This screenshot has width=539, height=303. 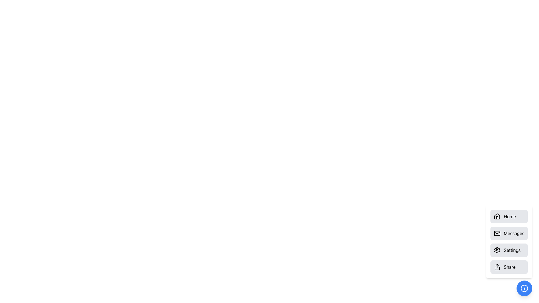 I want to click on the rectangular shape with rounded corners that forms the body of the 'Messages' envelope icon in the menu, so click(x=497, y=233).